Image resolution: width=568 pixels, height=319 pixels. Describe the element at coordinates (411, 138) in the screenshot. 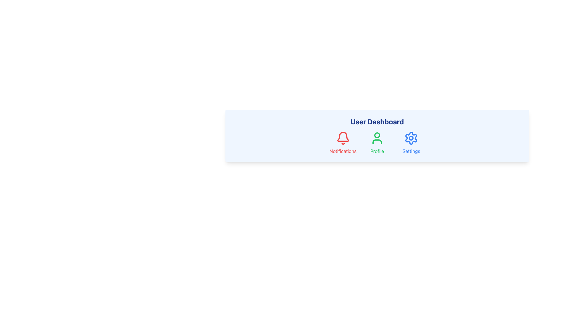

I see `the blue settings icon depicted as a gear located in the user options section for a tooltip or effect` at that location.